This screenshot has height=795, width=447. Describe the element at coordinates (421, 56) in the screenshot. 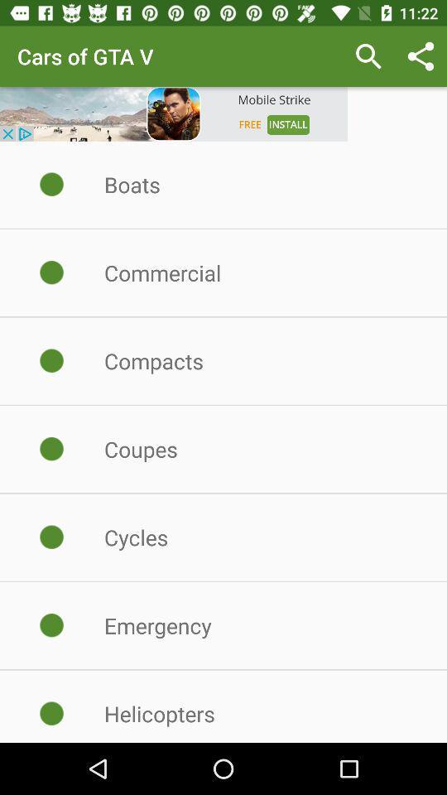

I see `the share button` at that location.